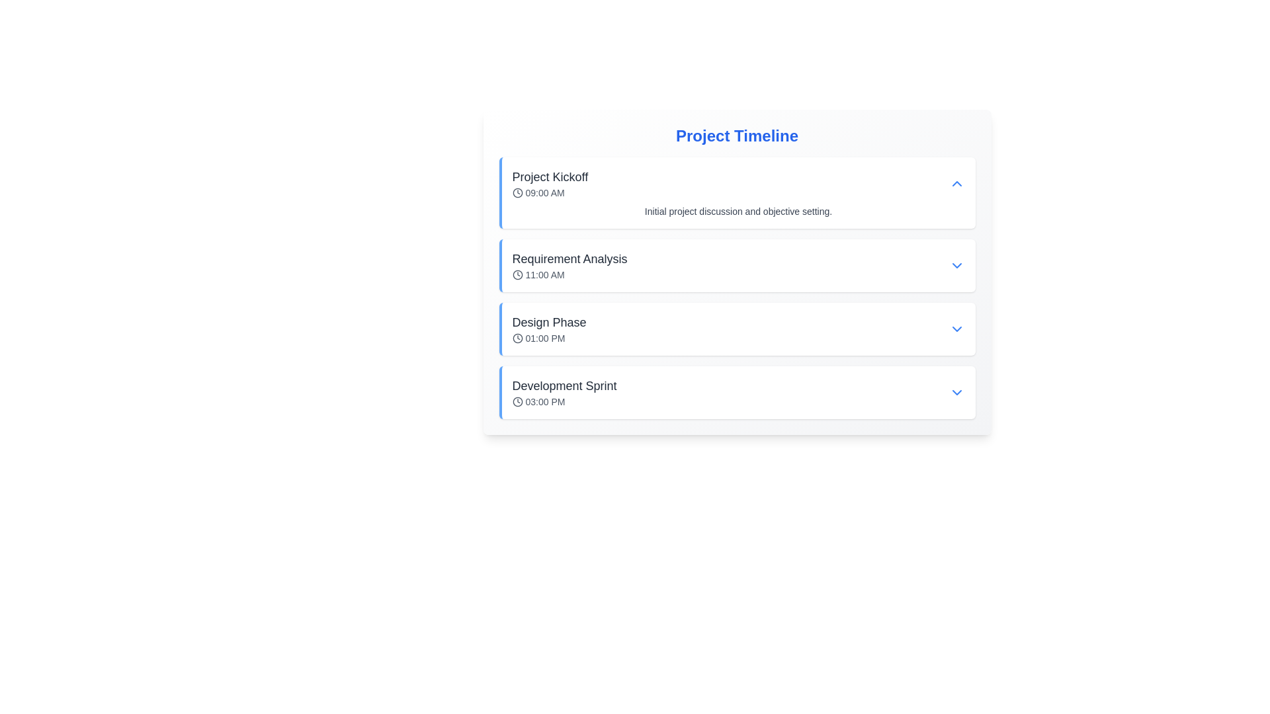  I want to click on the downward chevron button styled in blue at the far-right of the 'Development Sprint' row, so click(956, 392).